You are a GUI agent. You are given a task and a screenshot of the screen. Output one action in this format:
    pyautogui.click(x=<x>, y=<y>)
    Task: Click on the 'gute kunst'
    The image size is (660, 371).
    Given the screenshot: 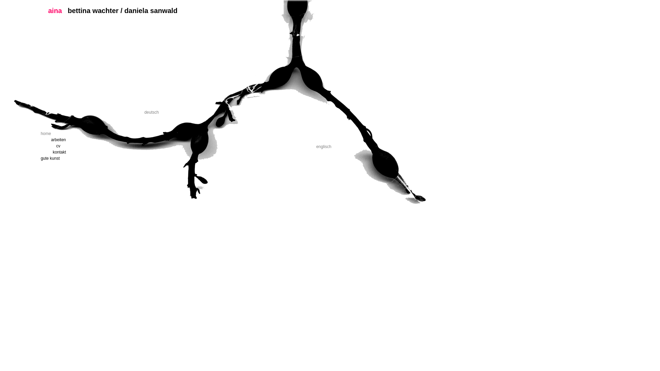 What is the action you would take?
    pyautogui.click(x=72, y=158)
    